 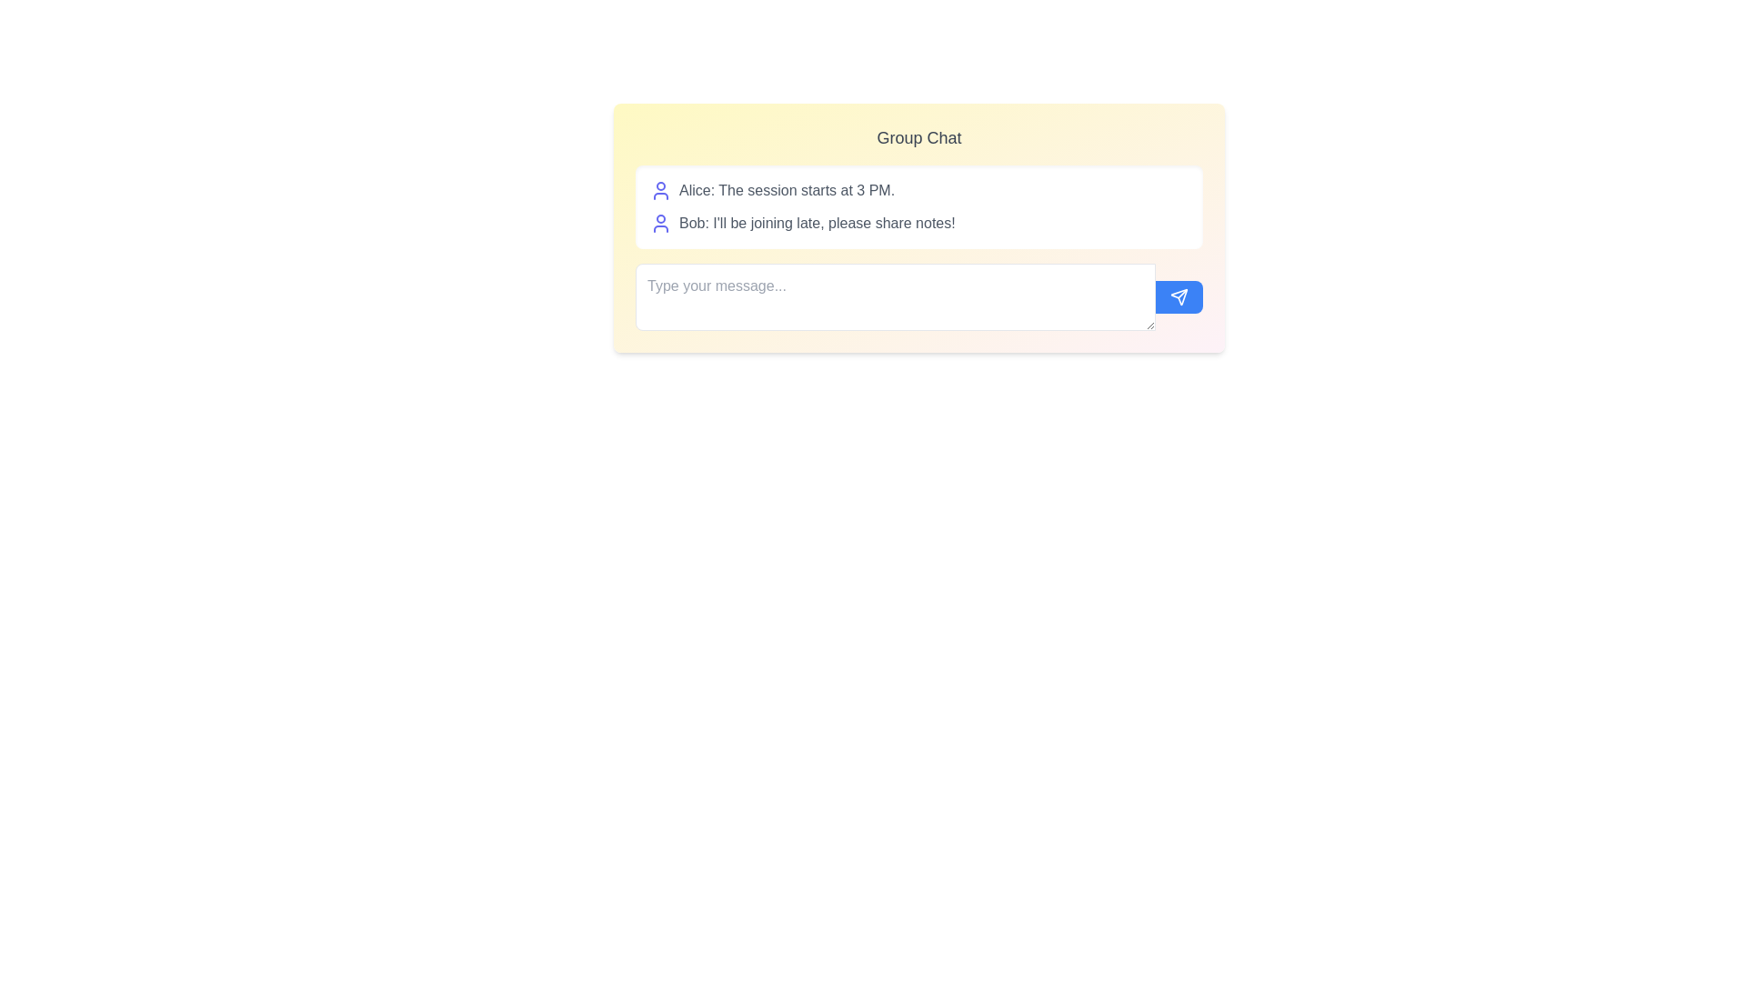 I want to click on text displayed in the Text Label that contains a message from Bob in the group chat, positioned below Alice's message, so click(x=816, y=223).